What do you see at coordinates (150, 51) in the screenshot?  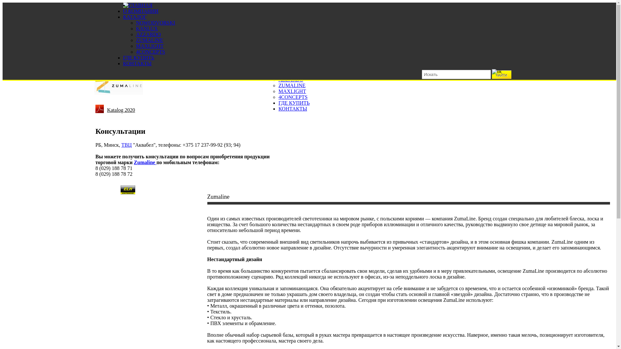 I see `'4CONCEPTS'` at bounding box center [150, 51].